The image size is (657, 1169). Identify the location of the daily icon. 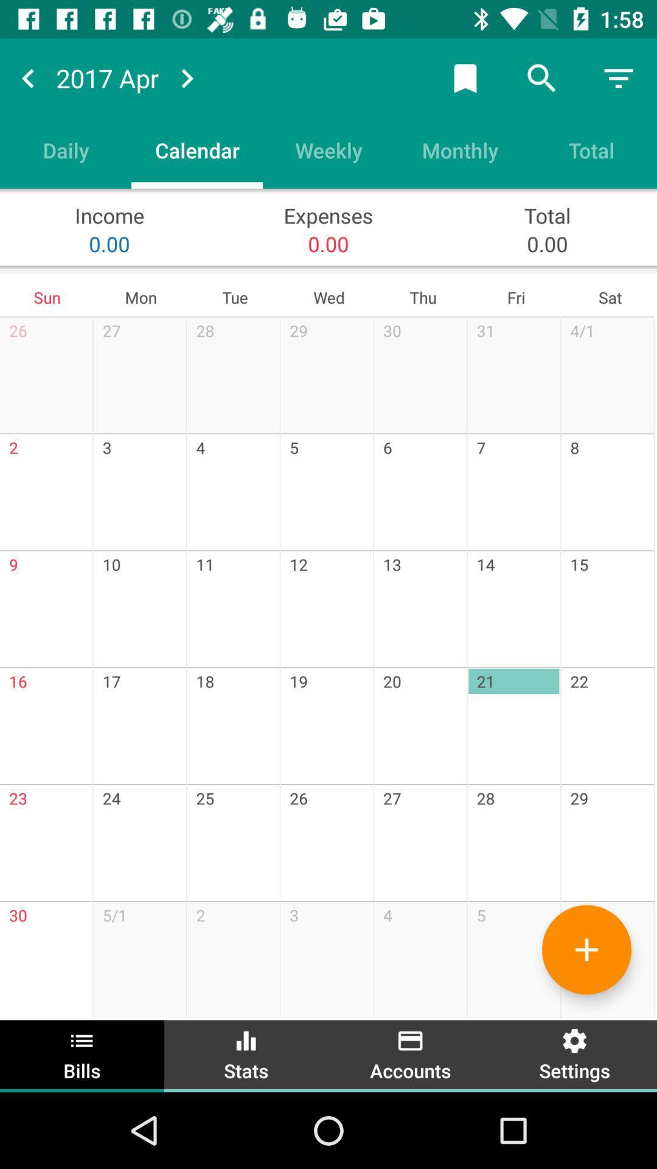
(66, 149).